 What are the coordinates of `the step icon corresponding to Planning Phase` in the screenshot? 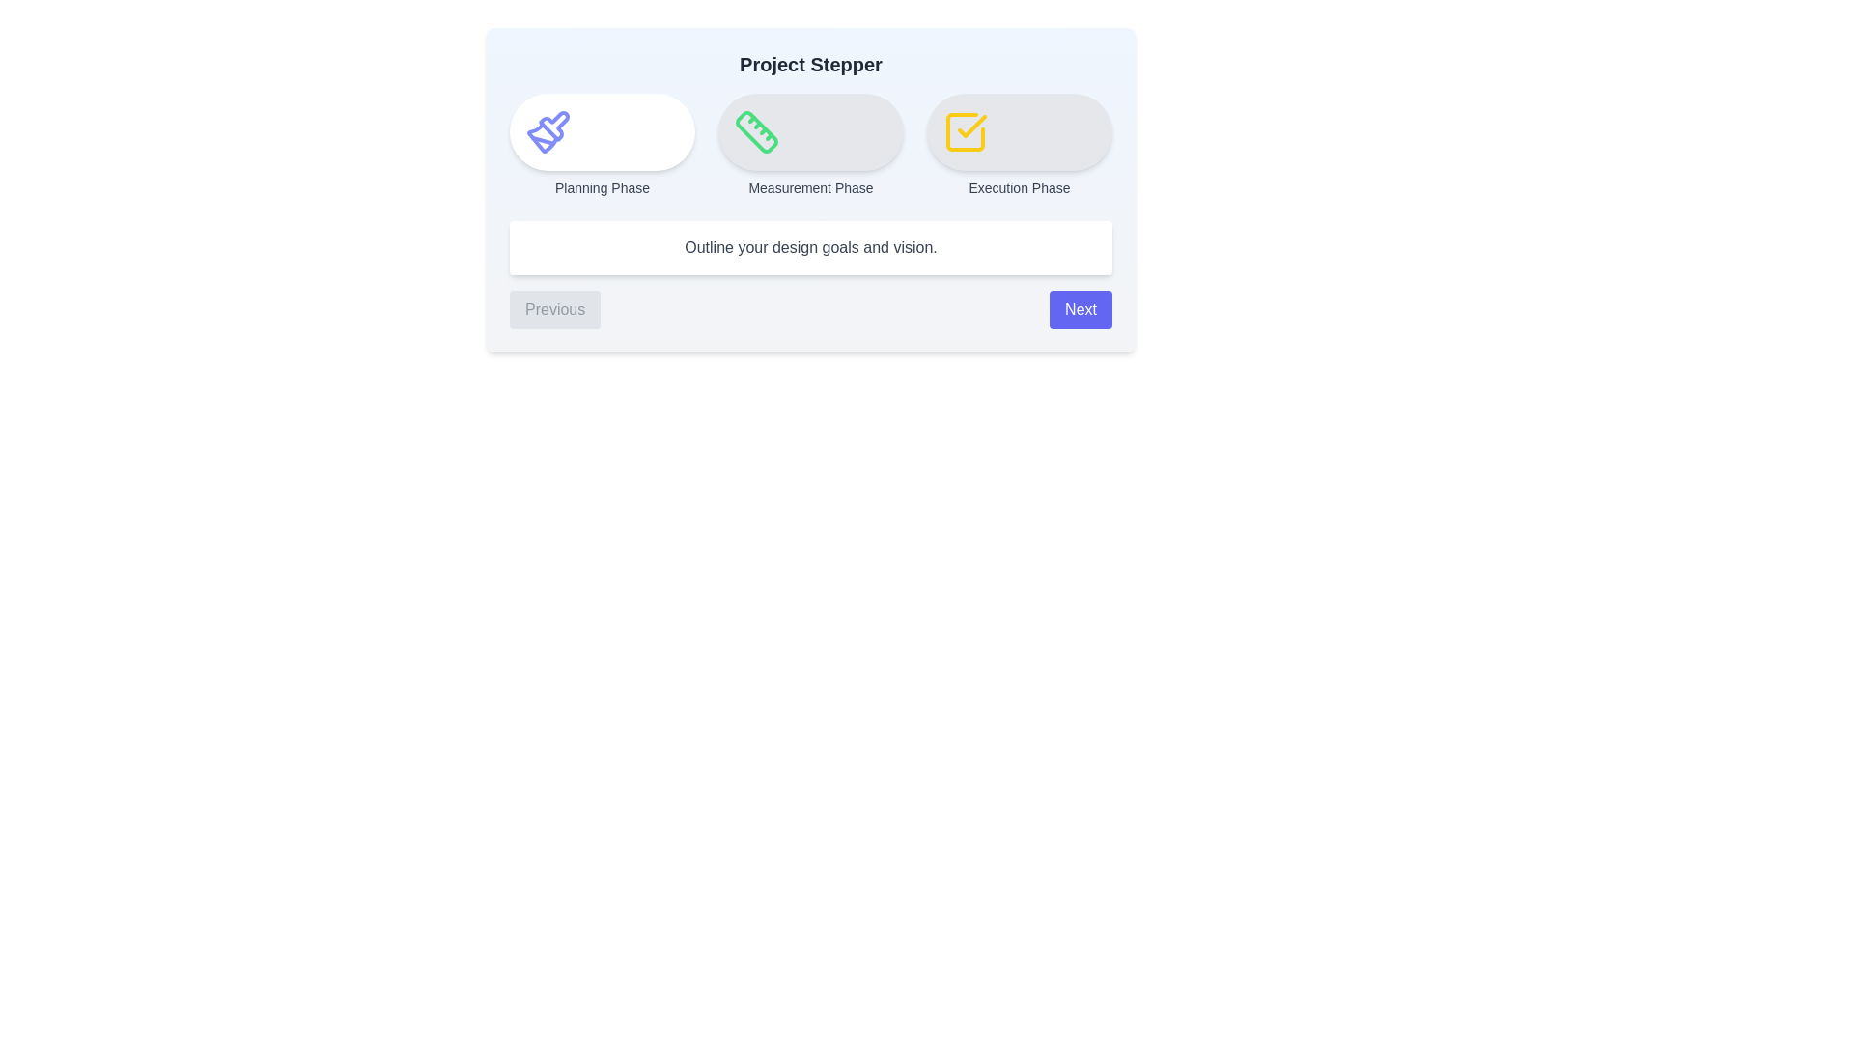 It's located at (602, 131).